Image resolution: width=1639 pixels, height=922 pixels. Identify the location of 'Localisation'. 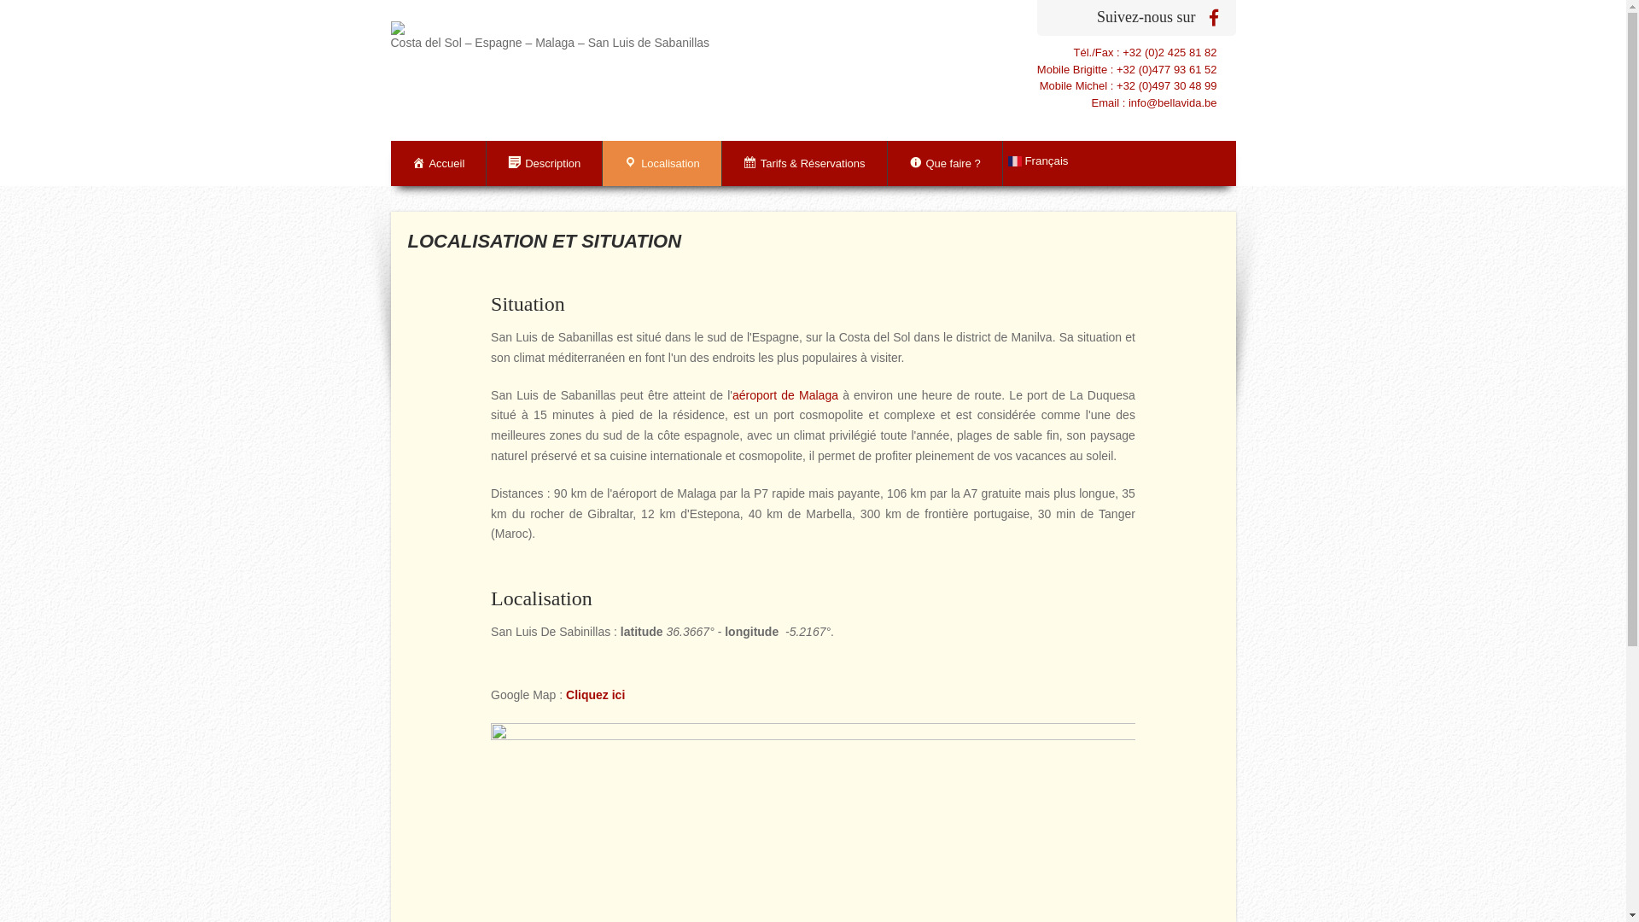
(602, 163).